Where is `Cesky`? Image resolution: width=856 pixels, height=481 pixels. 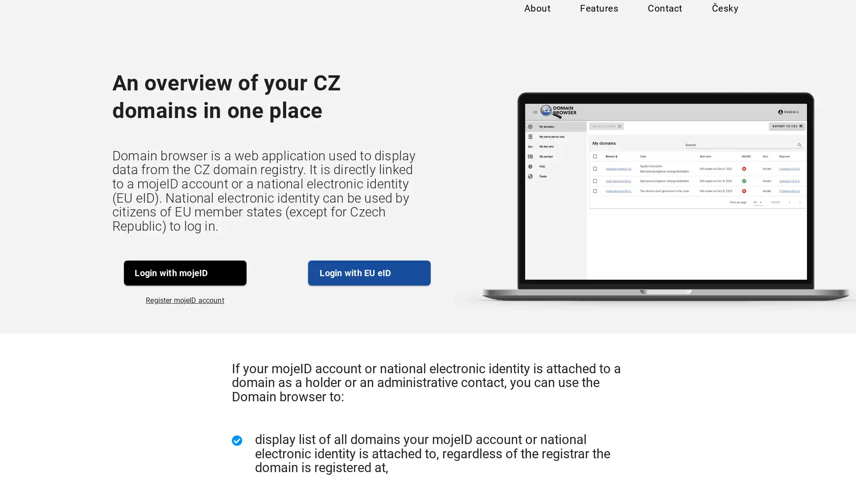 Cesky is located at coordinates (724, 19).